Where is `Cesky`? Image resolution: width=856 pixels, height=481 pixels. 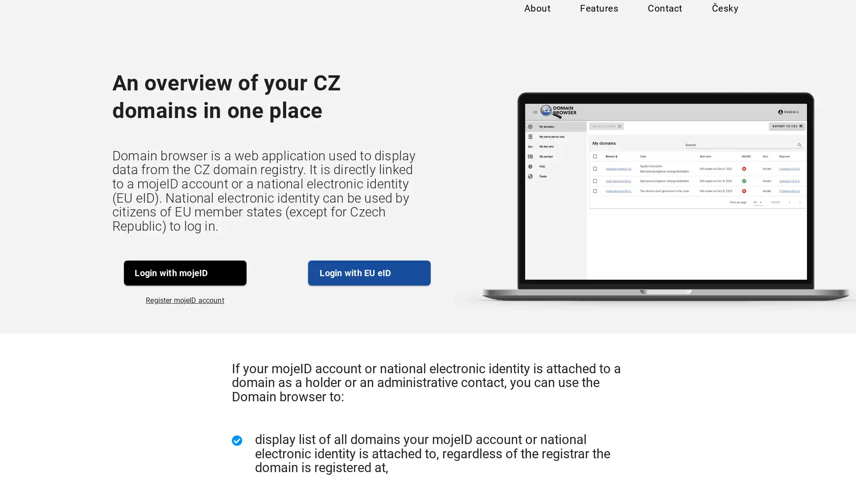 Cesky is located at coordinates (724, 19).